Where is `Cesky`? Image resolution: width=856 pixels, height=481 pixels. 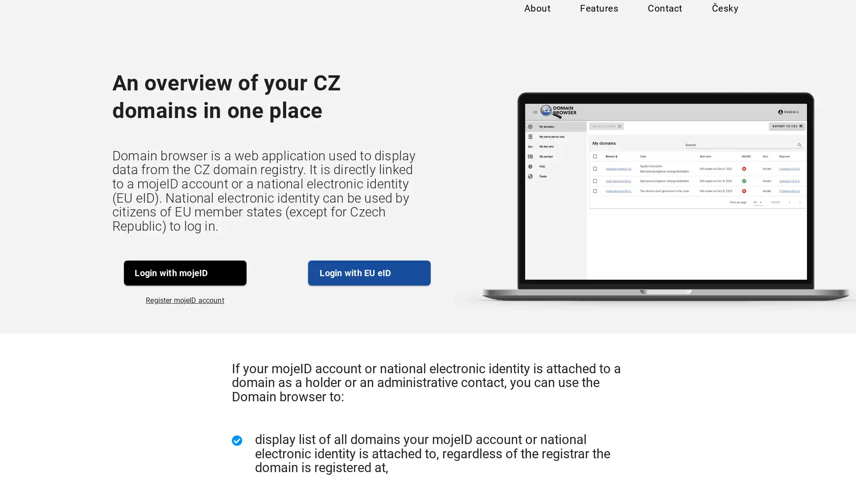 Cesky is located at coordinates (724, 19).